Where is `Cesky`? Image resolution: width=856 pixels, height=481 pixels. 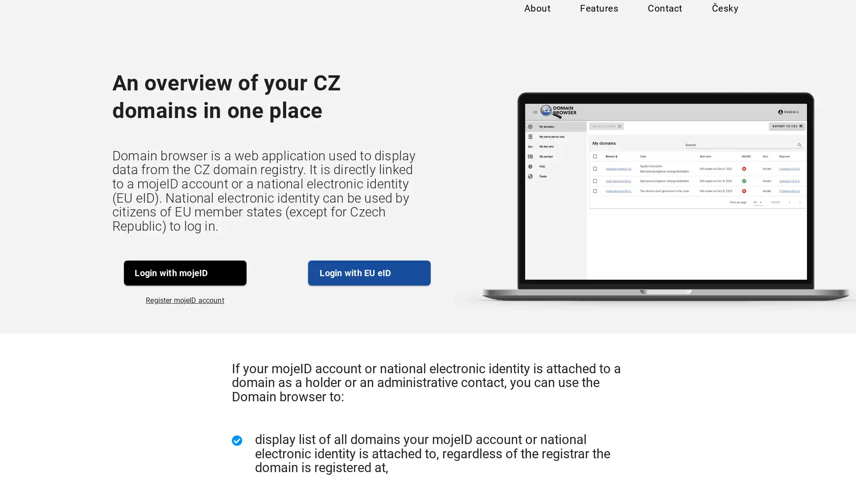 Cesky is located at coordinates (724, 19).